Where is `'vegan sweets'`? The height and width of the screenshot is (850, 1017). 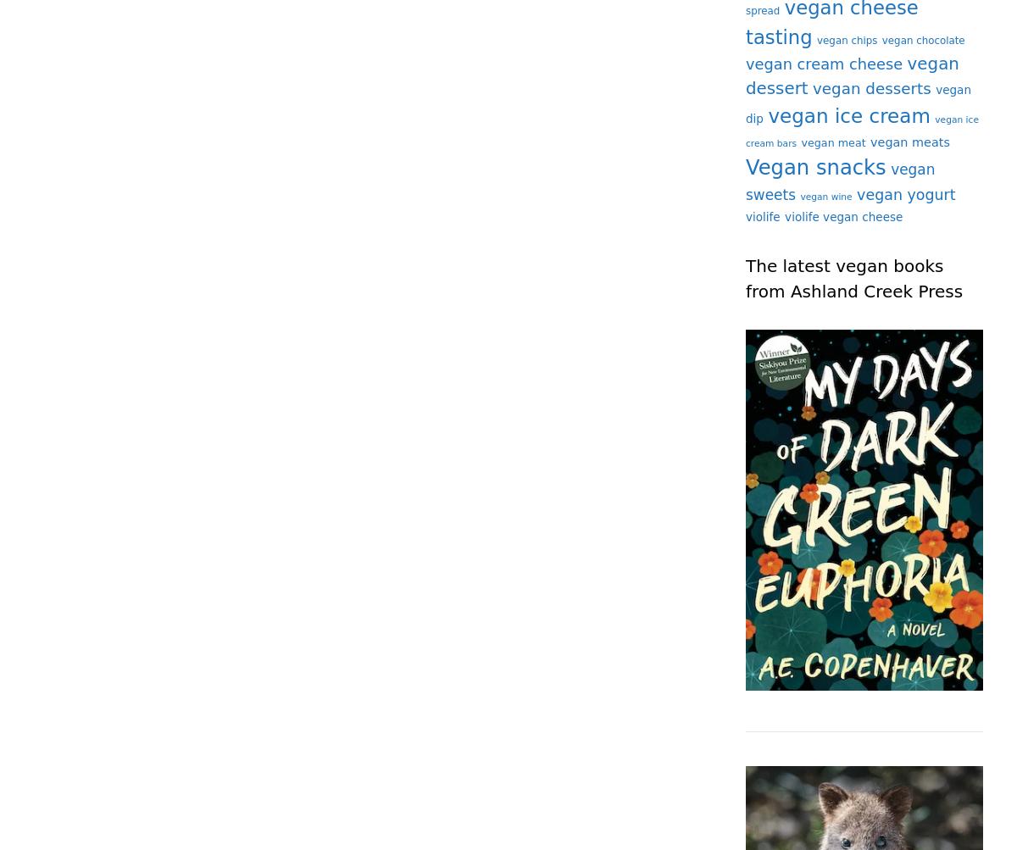 'vegan sweets' is located at coordinates (840, 181).